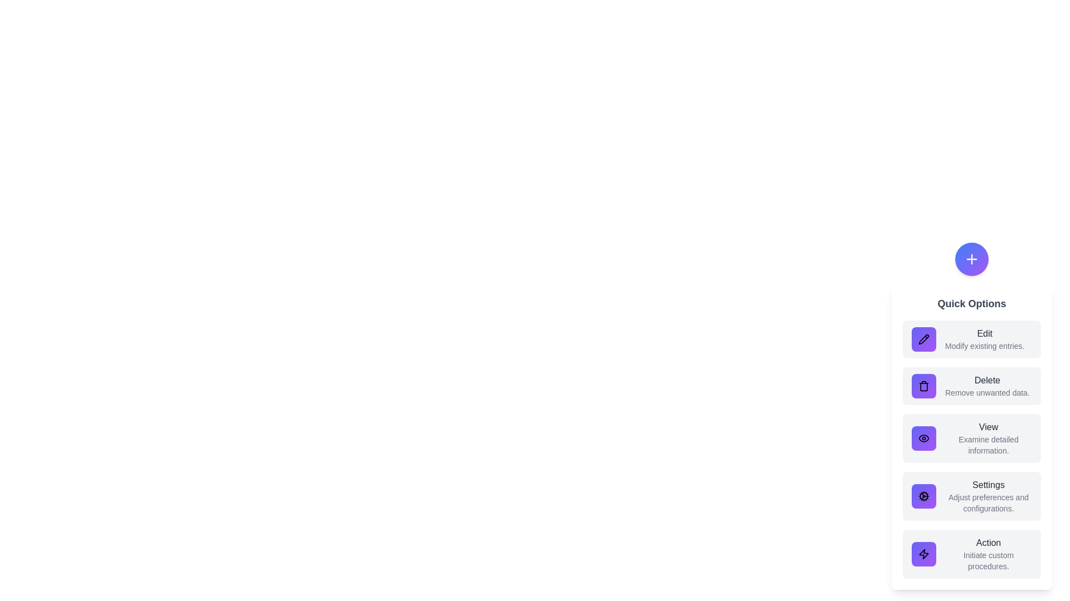  Describe the element at coordinates (971, 495) in the screenshot. I see `the Settings option from the list` at that location.